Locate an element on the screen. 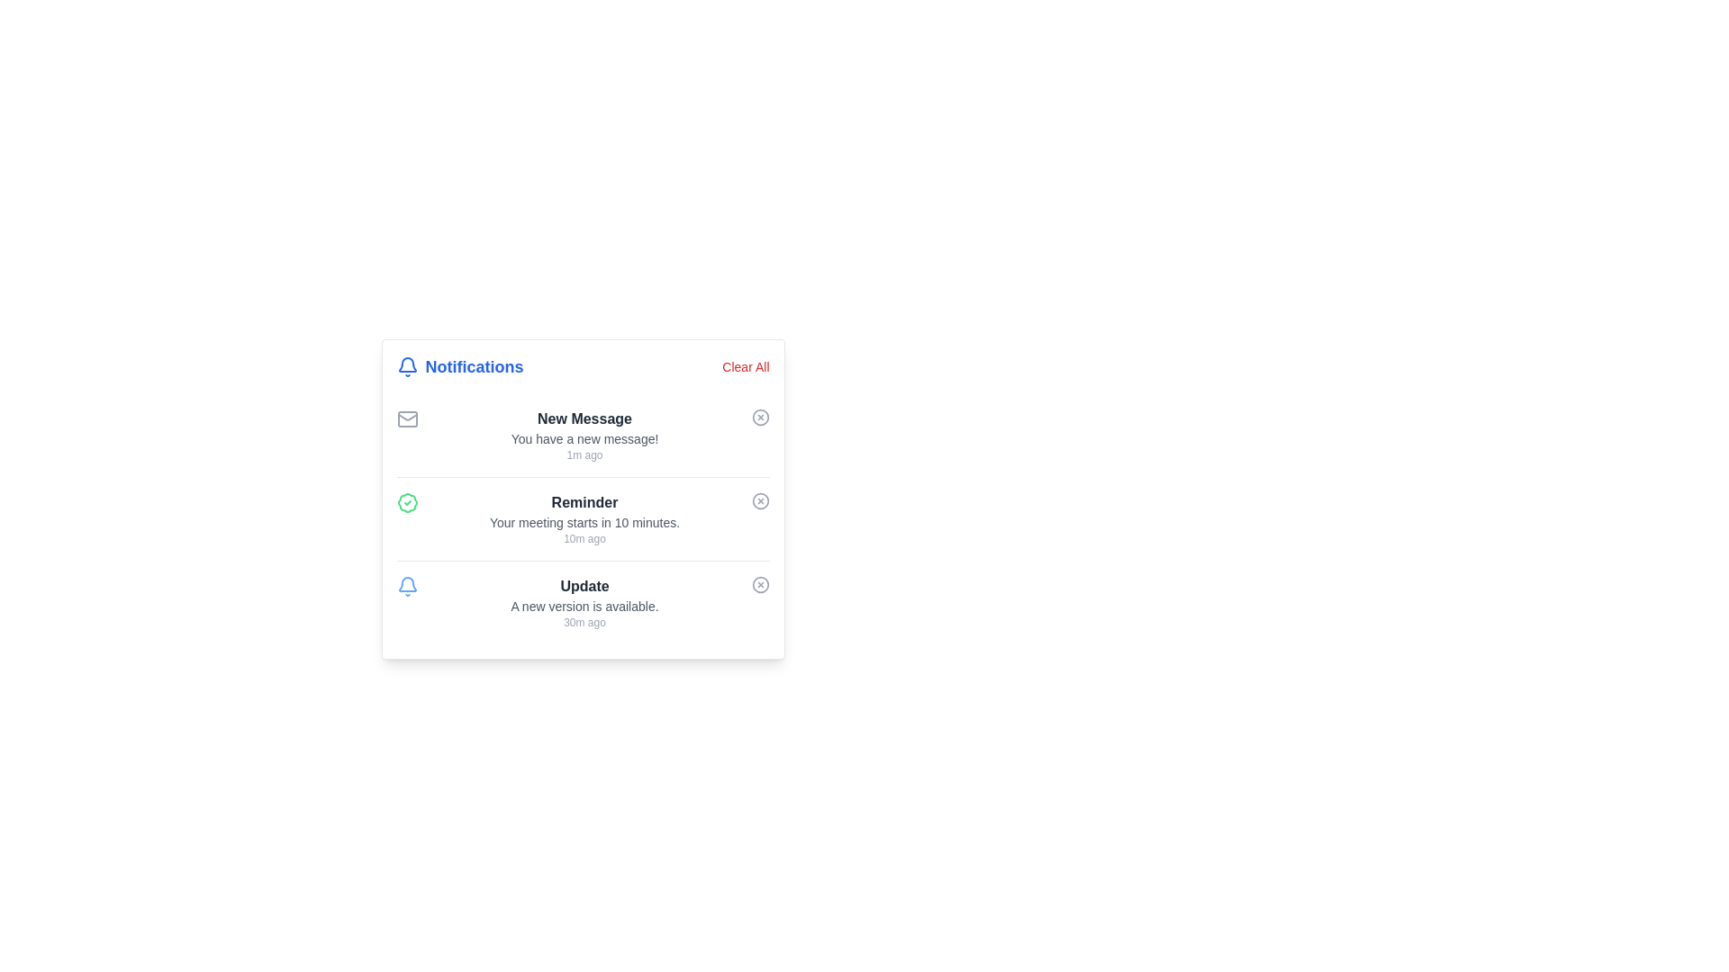 Image resolution: width=1729 pixels, height=972 pixels. the presence of the bell-shaped notification icon, which is styled with a thin outline and a uniform blue color, located next to the text 'Notifications' at the top-left area of the notification panel is located at coordinates (406, 366).